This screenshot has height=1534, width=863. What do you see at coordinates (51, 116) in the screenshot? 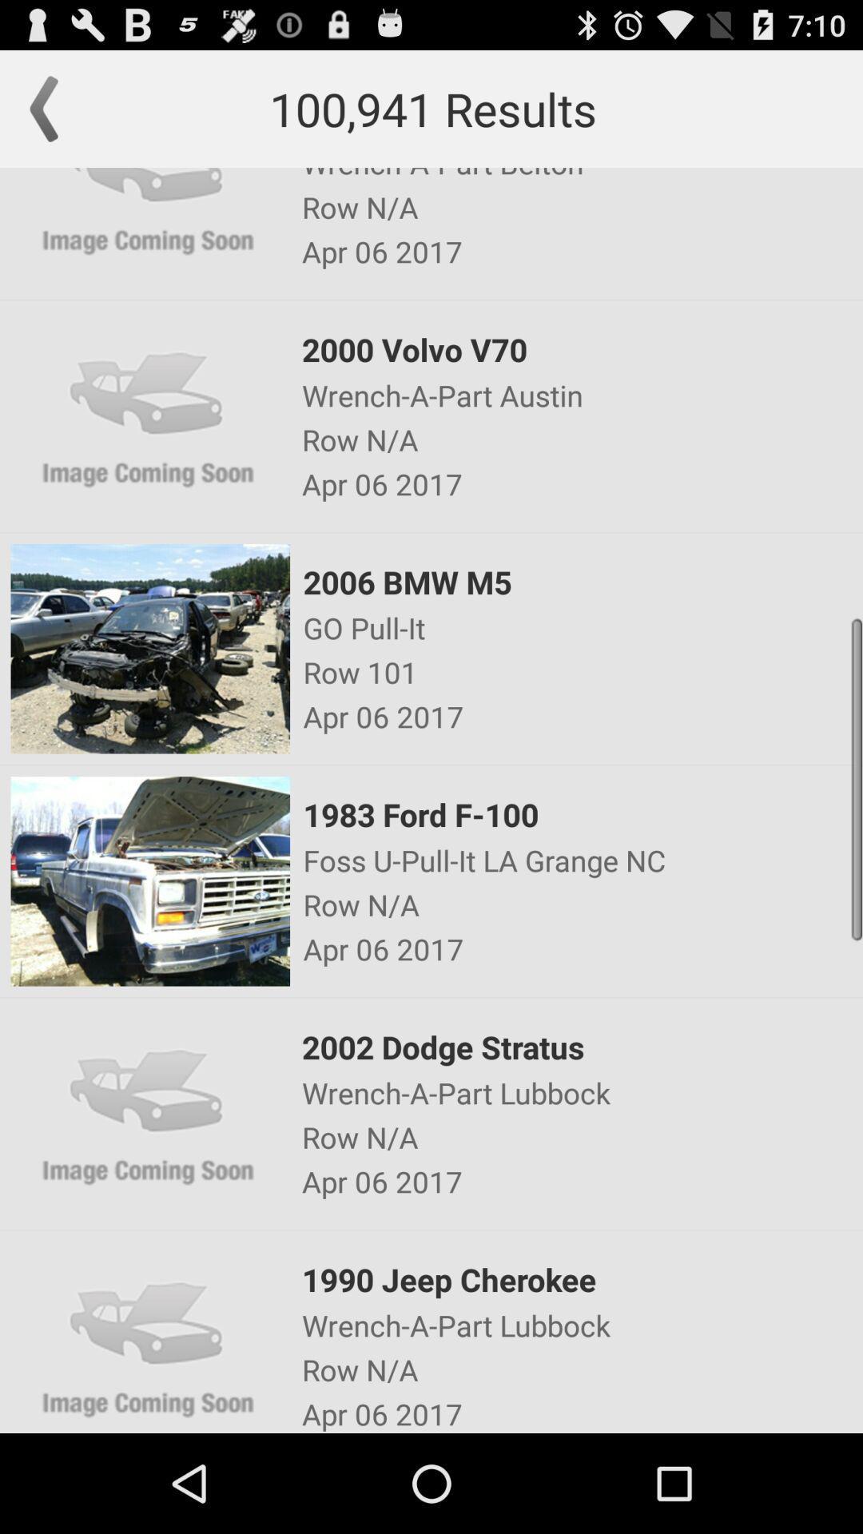
I see `the arrow_backward icon` at bounding box center [51, 116].